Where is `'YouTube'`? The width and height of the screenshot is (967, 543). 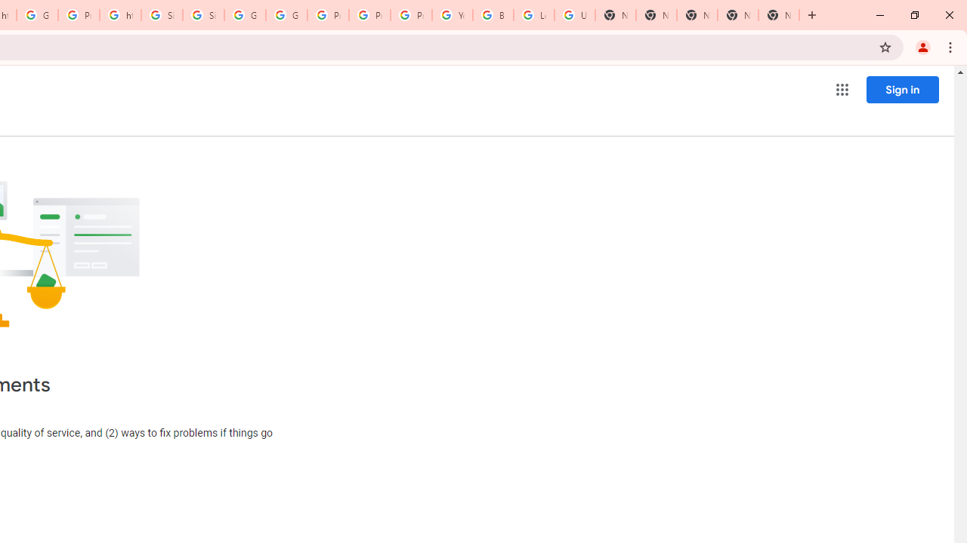 'YouTube' is located at coordinates (452, 15).